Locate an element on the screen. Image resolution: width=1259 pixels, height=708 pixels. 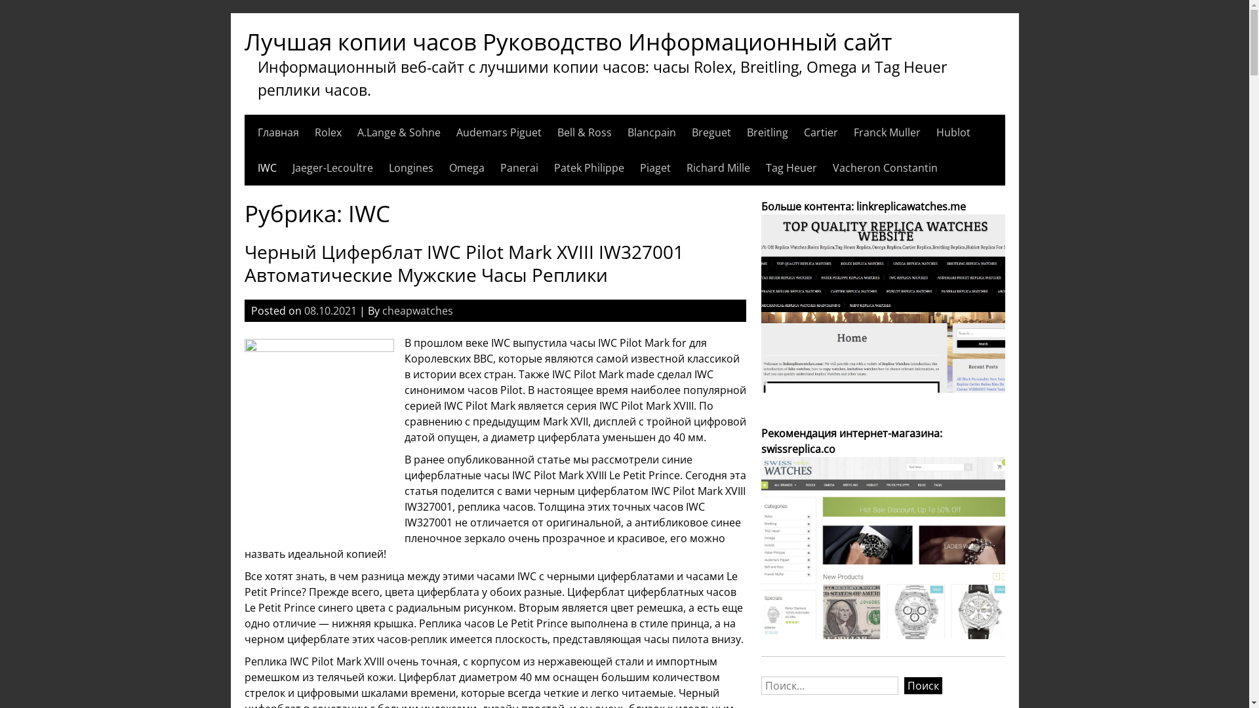
'IWC' is located at coordinates (257, 167).